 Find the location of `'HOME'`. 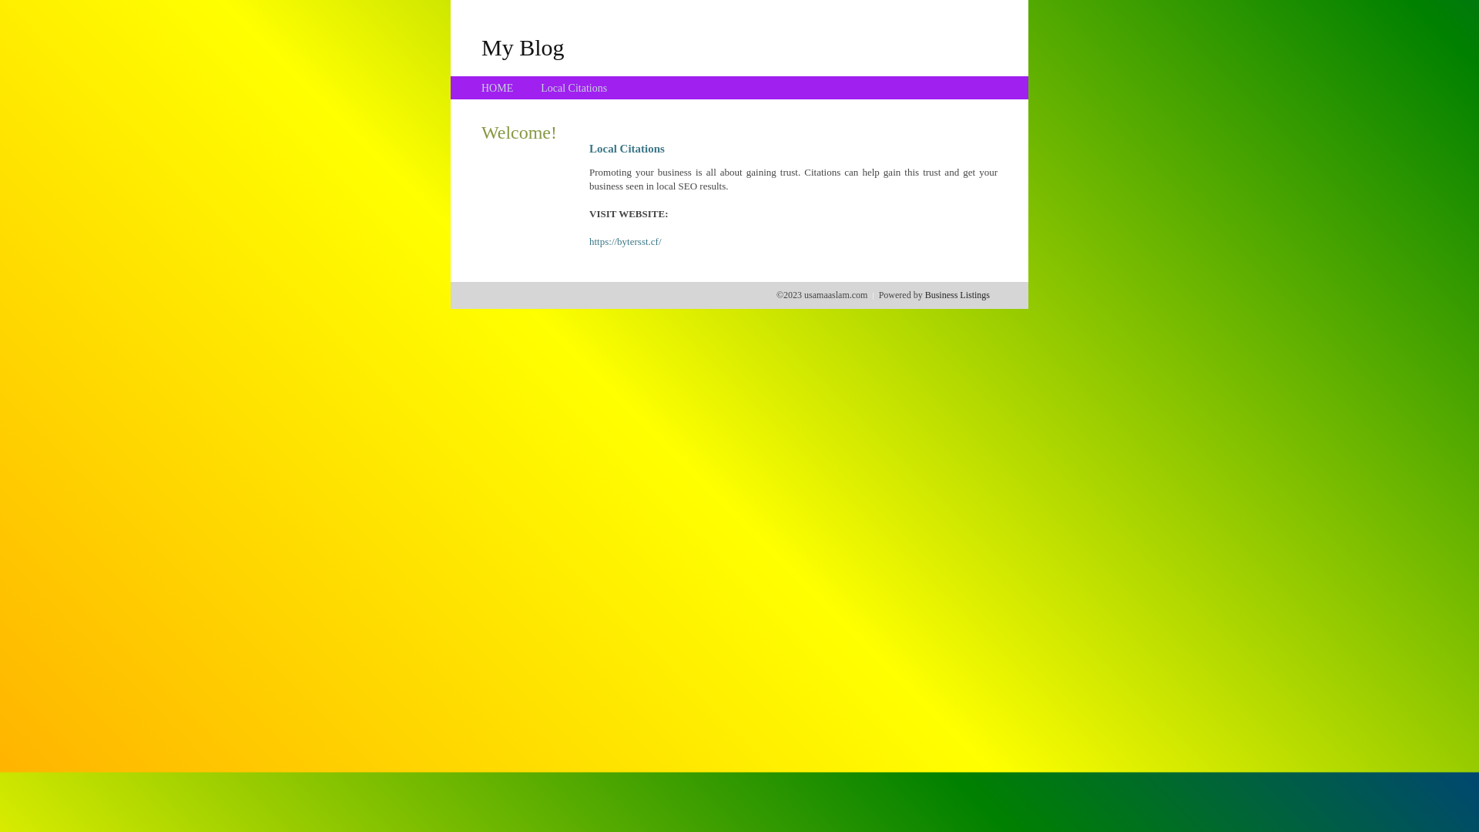

'HOME' is located at coordinates (497, 88).